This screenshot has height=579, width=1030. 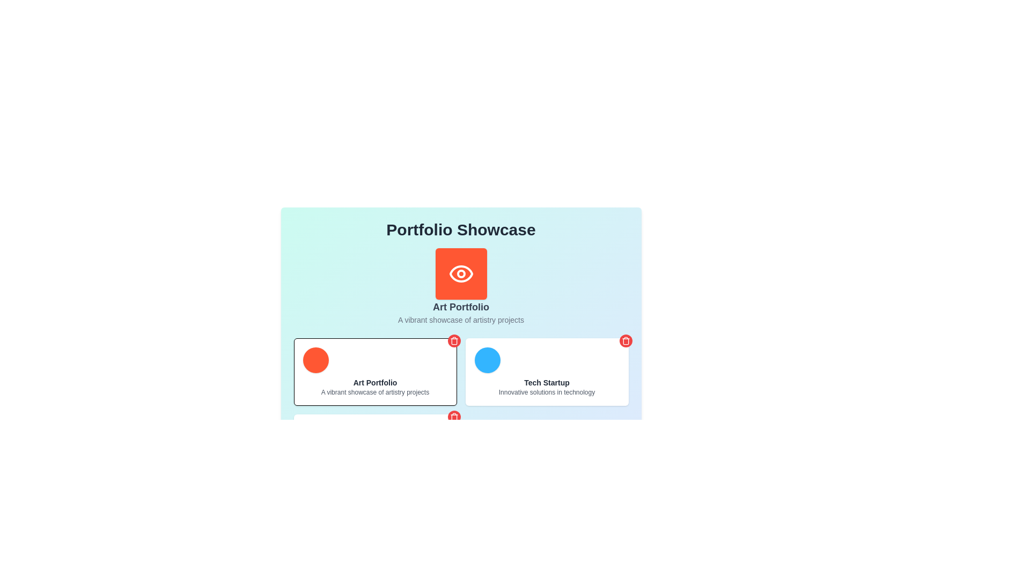 I want to click on the label displaying 'Tech Startup' and its subtitle 'Innovative solutions in technology', located in the second card on the right in the lower row of the 'Portfolio Showcase' interface, so click(x=547, y=387).